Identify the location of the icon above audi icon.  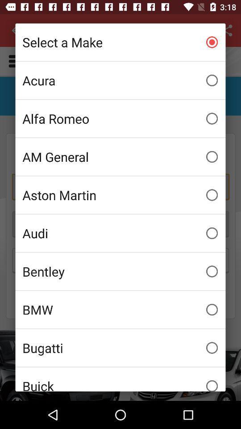
(120, 195).